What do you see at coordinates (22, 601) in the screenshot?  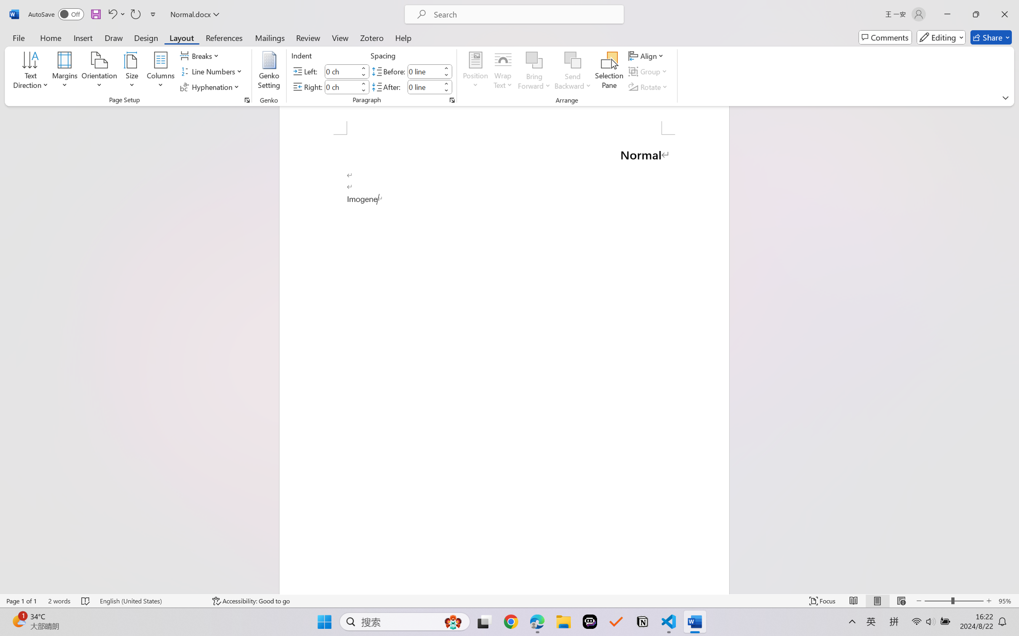 I see `'Page Number Page 1 of 1'` at bounding box center [22, 601].